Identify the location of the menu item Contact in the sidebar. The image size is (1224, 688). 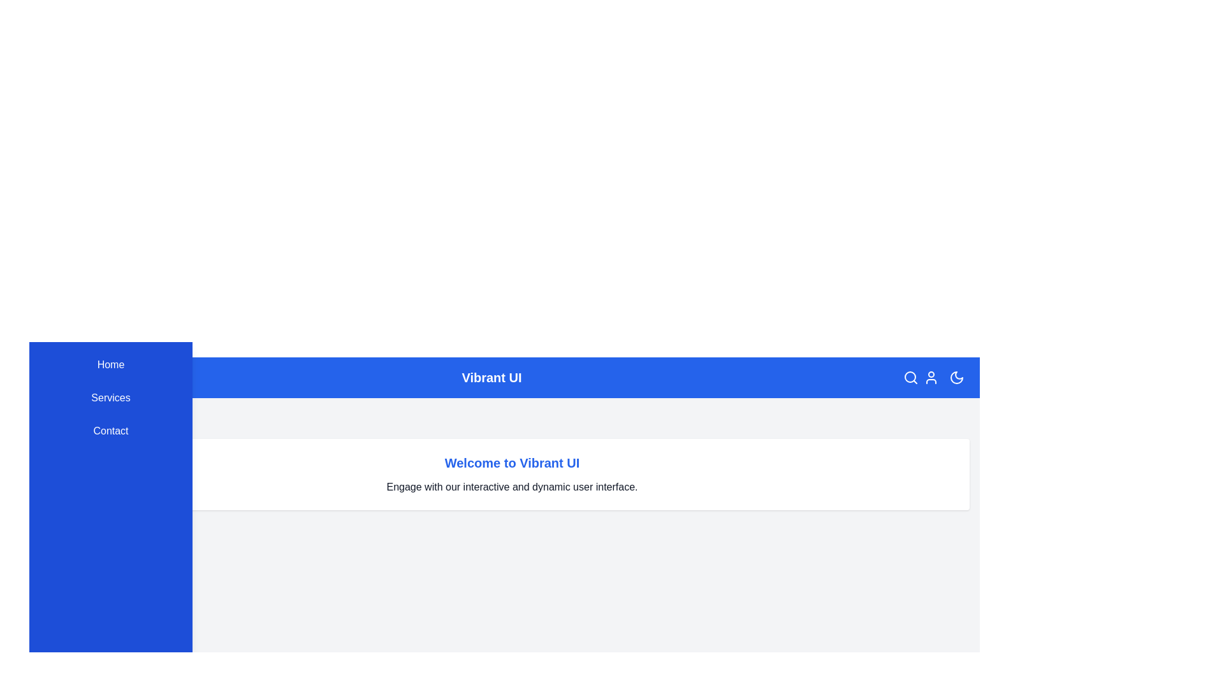
(110, 431).